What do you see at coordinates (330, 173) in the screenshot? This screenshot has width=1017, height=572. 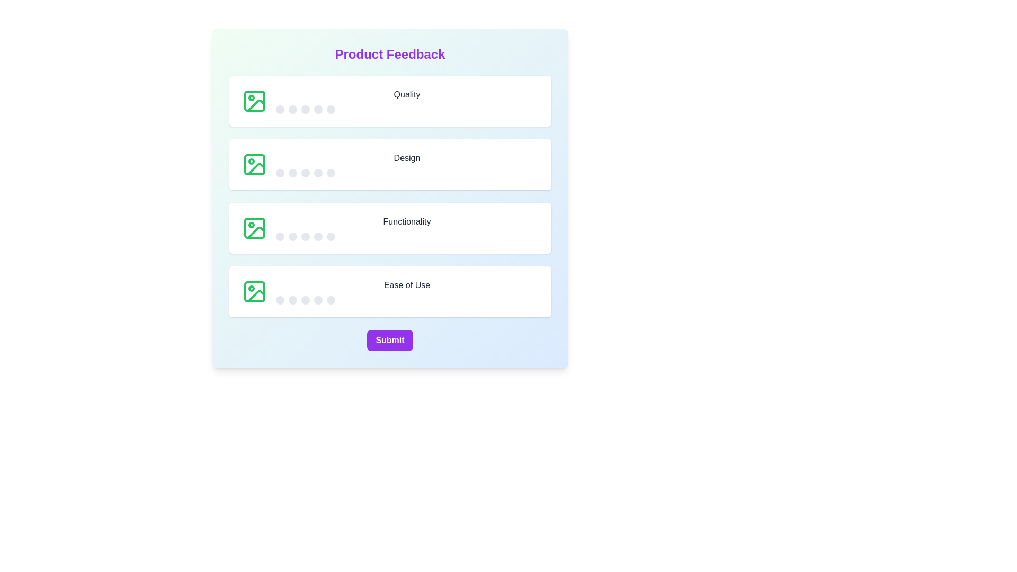 I see `the star corresponding to 5 for the 'Design' category` at bounding box center [330, 173].